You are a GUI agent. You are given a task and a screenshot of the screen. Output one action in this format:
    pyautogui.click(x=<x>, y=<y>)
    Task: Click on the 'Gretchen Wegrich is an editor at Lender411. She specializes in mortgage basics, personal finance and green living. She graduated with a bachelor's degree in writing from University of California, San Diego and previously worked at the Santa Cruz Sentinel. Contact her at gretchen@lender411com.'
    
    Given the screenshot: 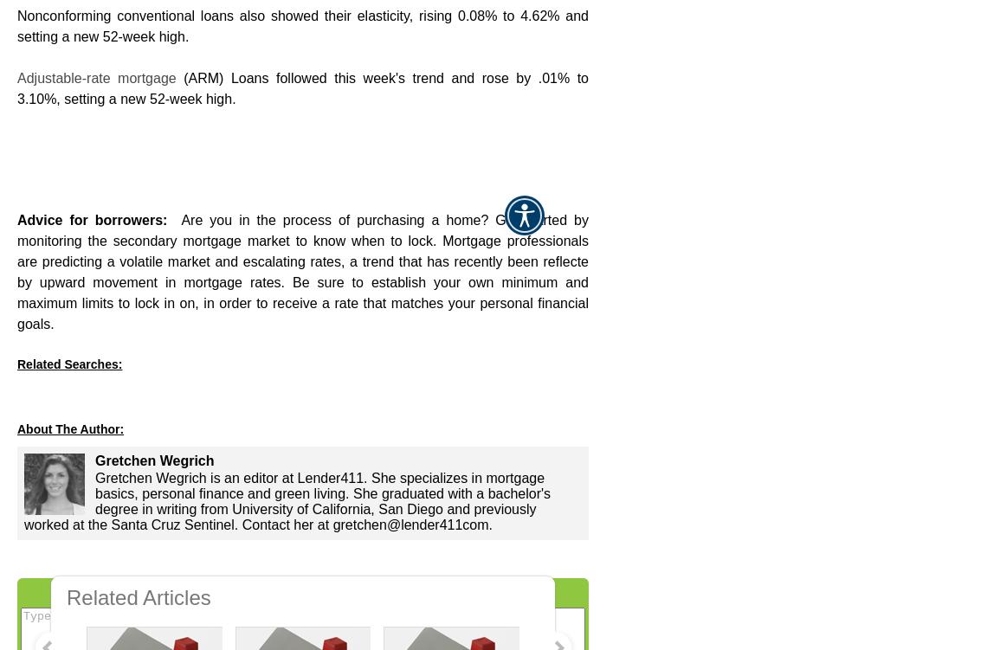 What is the action you would take?
    pyautogui.click(x=287, y=500)
    